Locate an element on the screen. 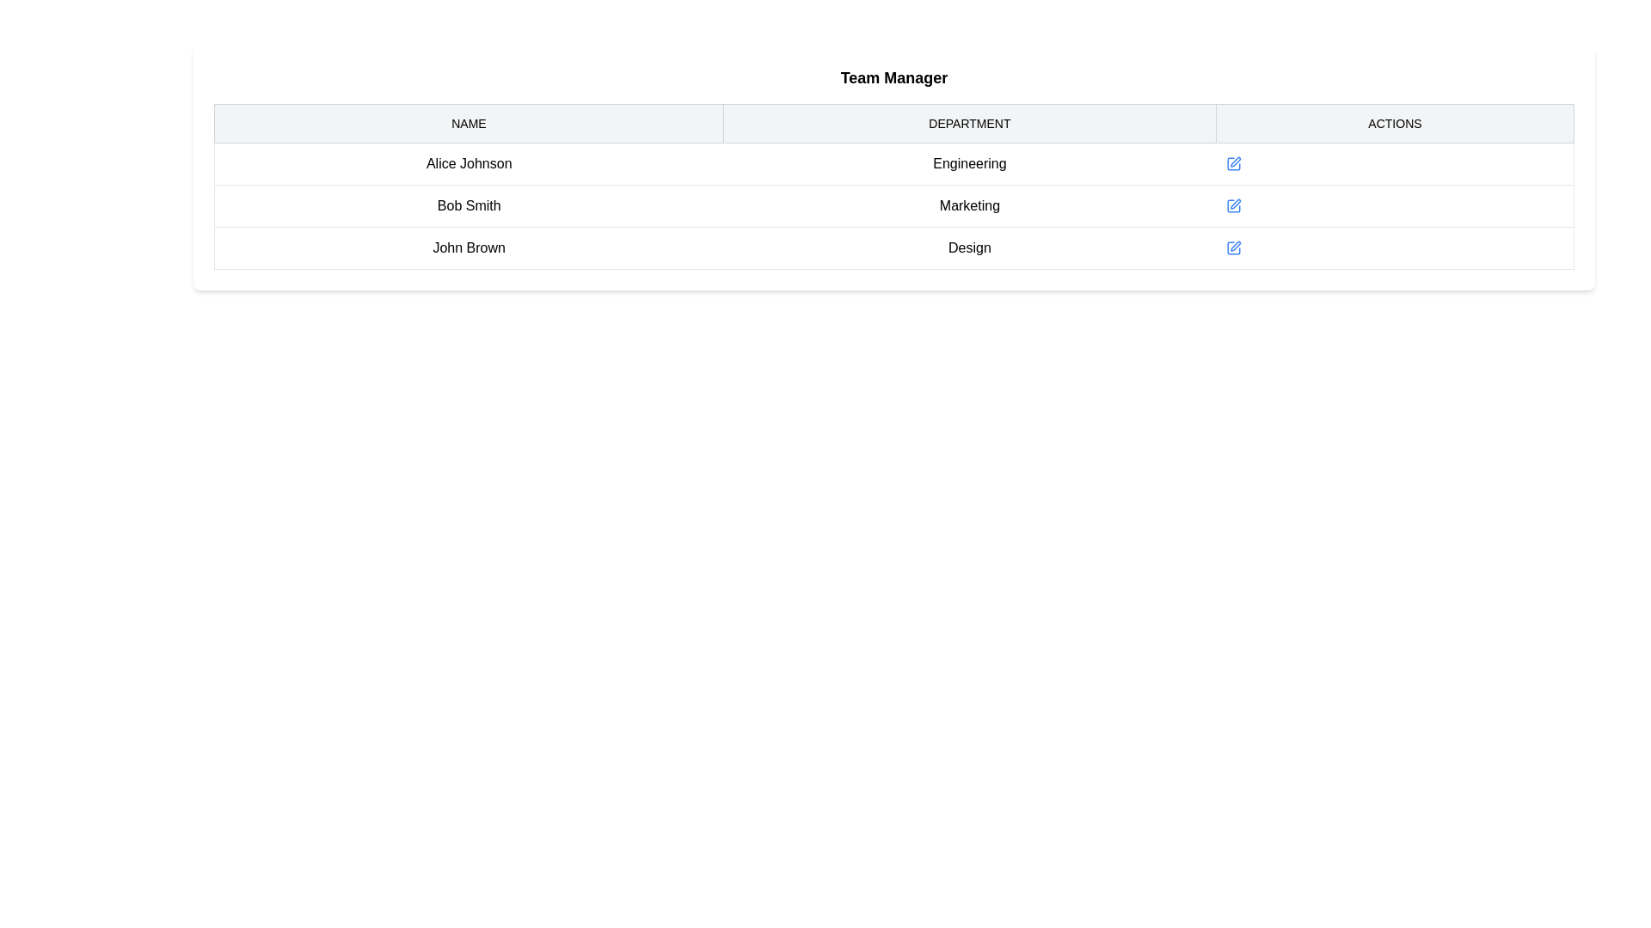 The width and height of the screenshot is (1651, 928). the text label displaying the name 'Alice Johnson' located at the top-left of the table under the 'Name' column is located at coordinates (469, 164).